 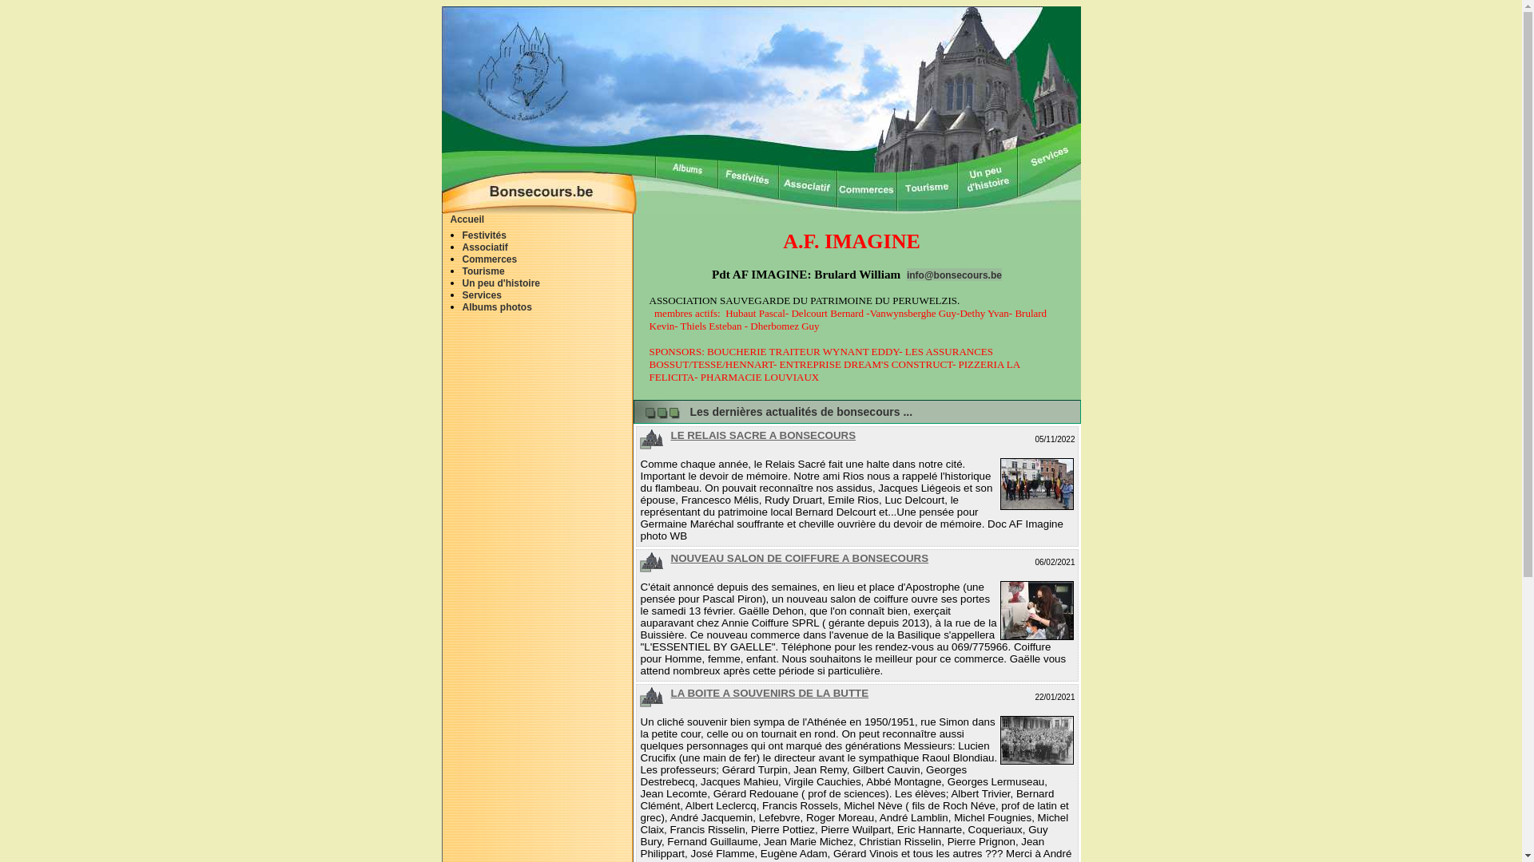 What do you see at coordinates (480, 295) in the screenshot?
I see `'Services'` at bounding box center [480, 295].